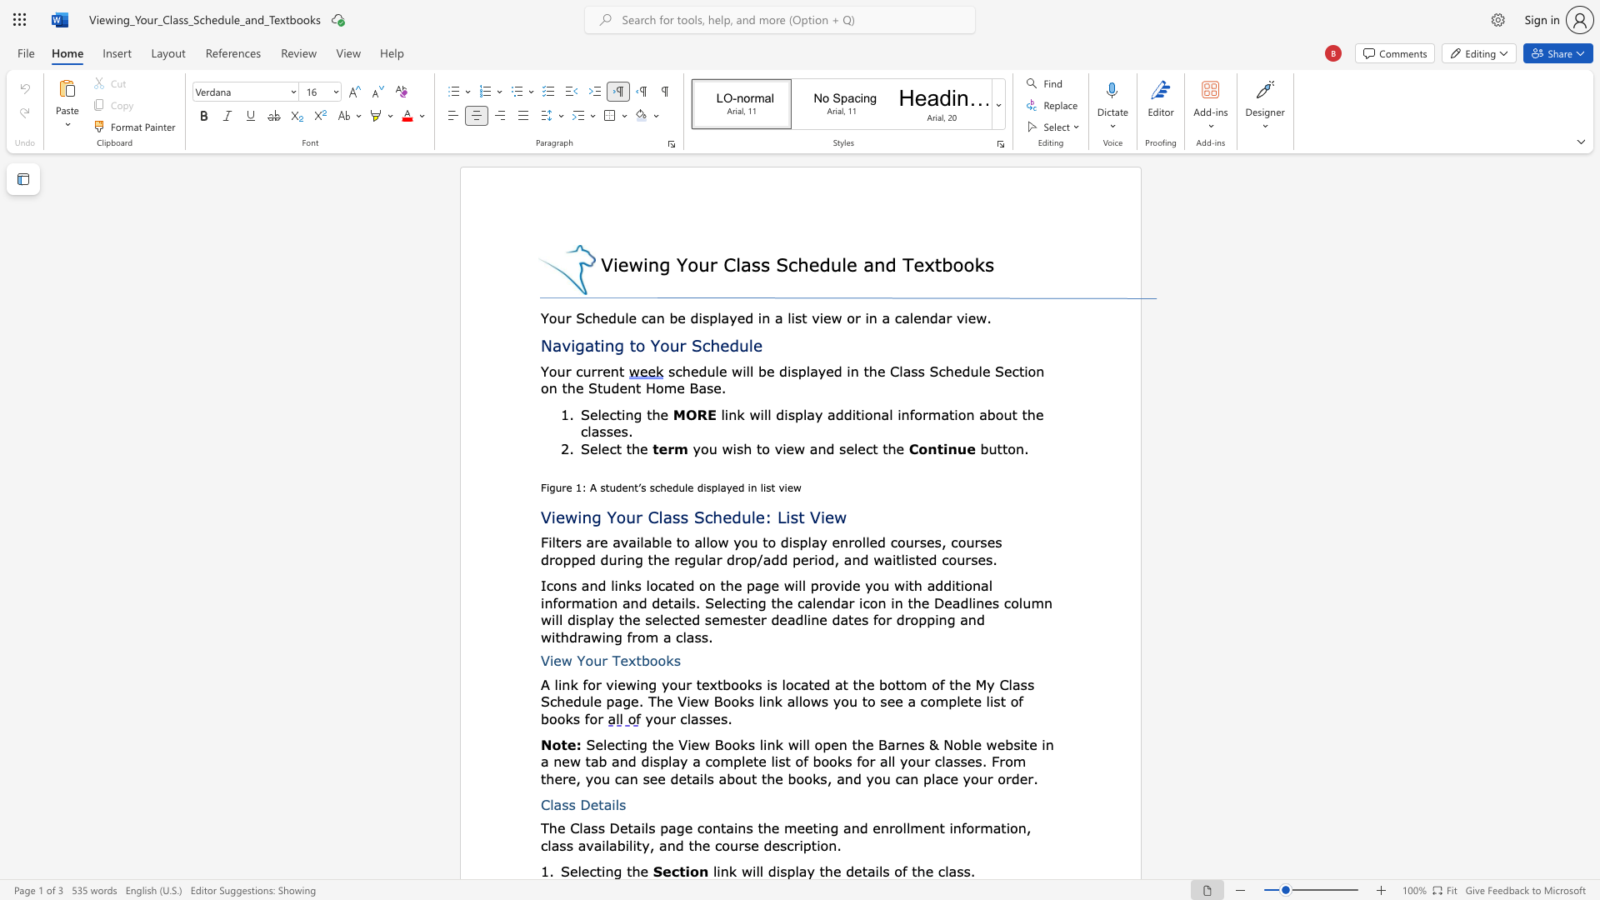 The image size is (1600, 900). What do you see at coordinates (589, 870) in the screenshot?
I see `the subset text "ct" within the text "Selecting the"` at bounding box center [589, 870].